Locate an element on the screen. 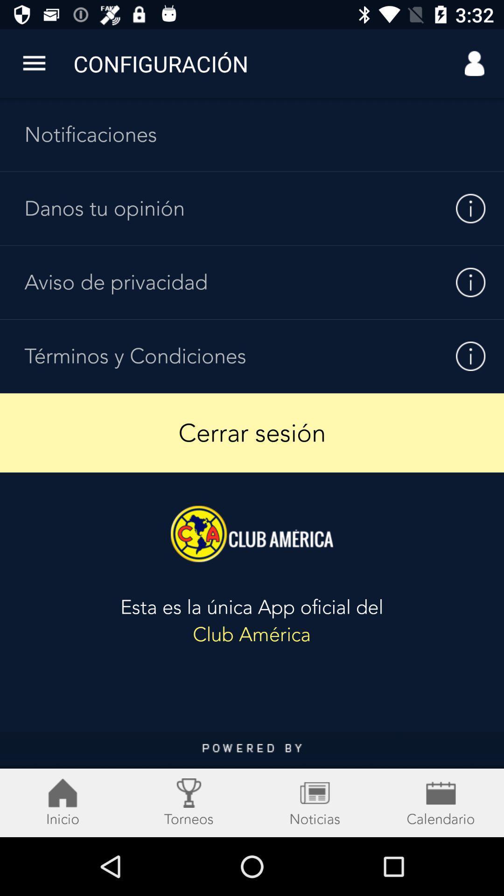 Image resolution: width=504 pixels, height=896 pixels. the location icon is located at coordinates (189, 802).